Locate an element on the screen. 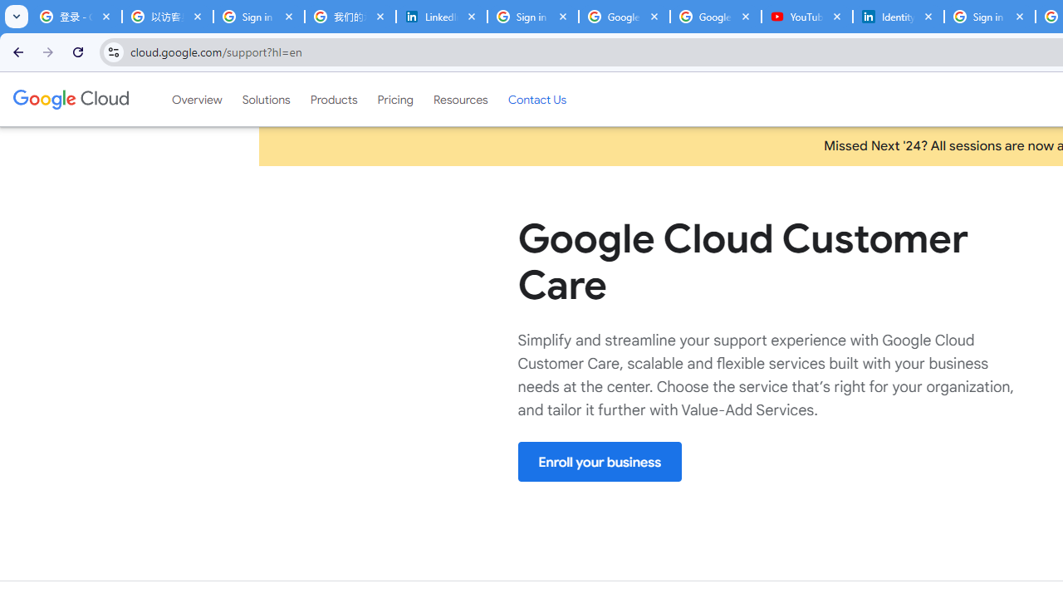  'Contact Us' is located at coordinates (537, 99).